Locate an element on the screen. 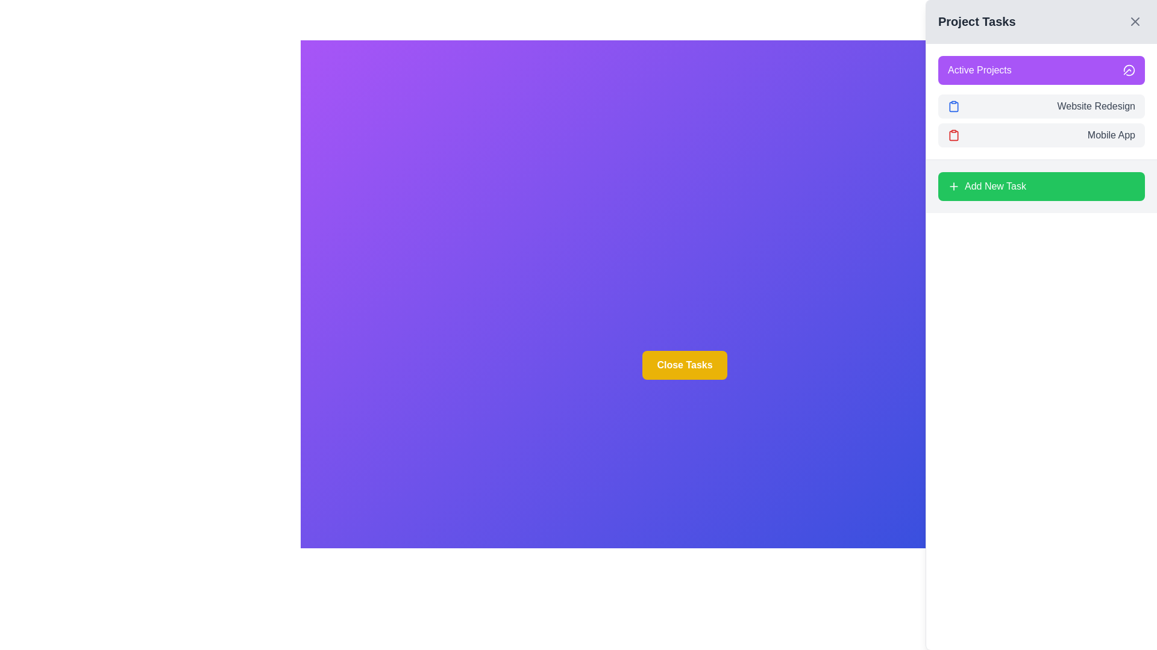 This screenshot has height=650, width=1157. the list item labeled 'Mobile App', which has a light gray background and a red clipboard icon is located at coordinates (1041, 135).